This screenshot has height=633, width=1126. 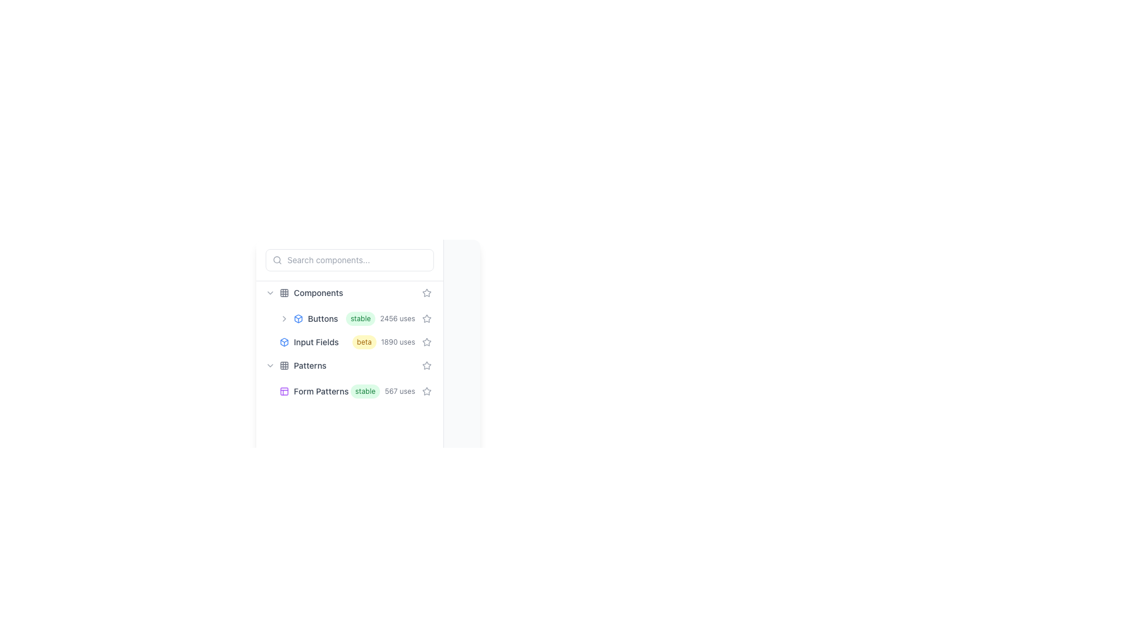 What do you see at coordinates (323, 318) in the screenshot?
I see `the 'Buttons' text label, which is styled with a medium font size in gray color and aligned within the 'Components' section of the interface` at bounding box center [323, 318].